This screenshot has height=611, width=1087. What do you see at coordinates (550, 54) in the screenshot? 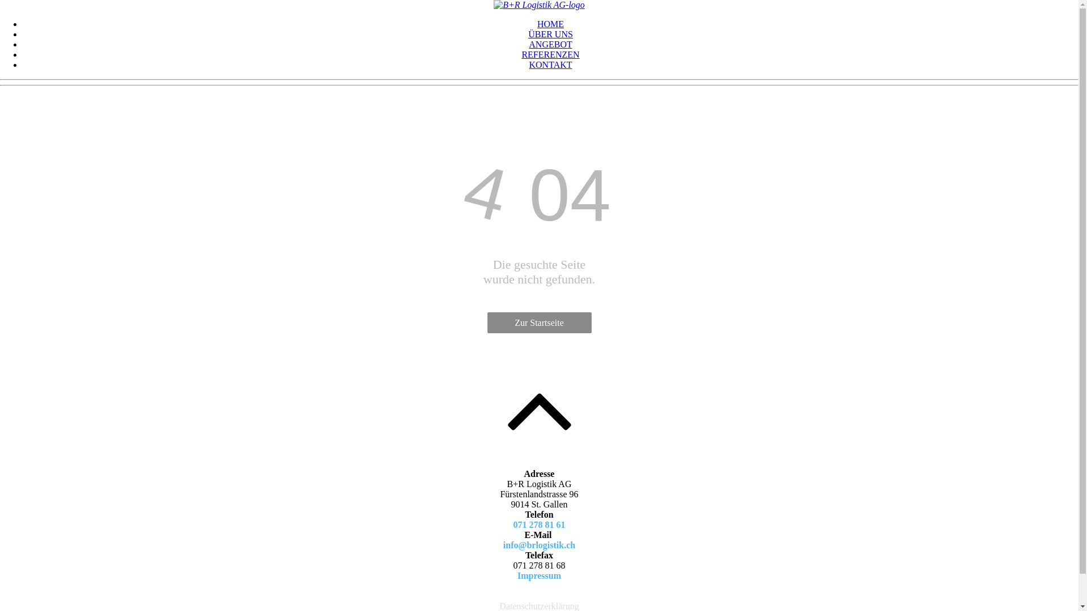
I see `'REFERENZEN'` at bounding box center [550, 54].